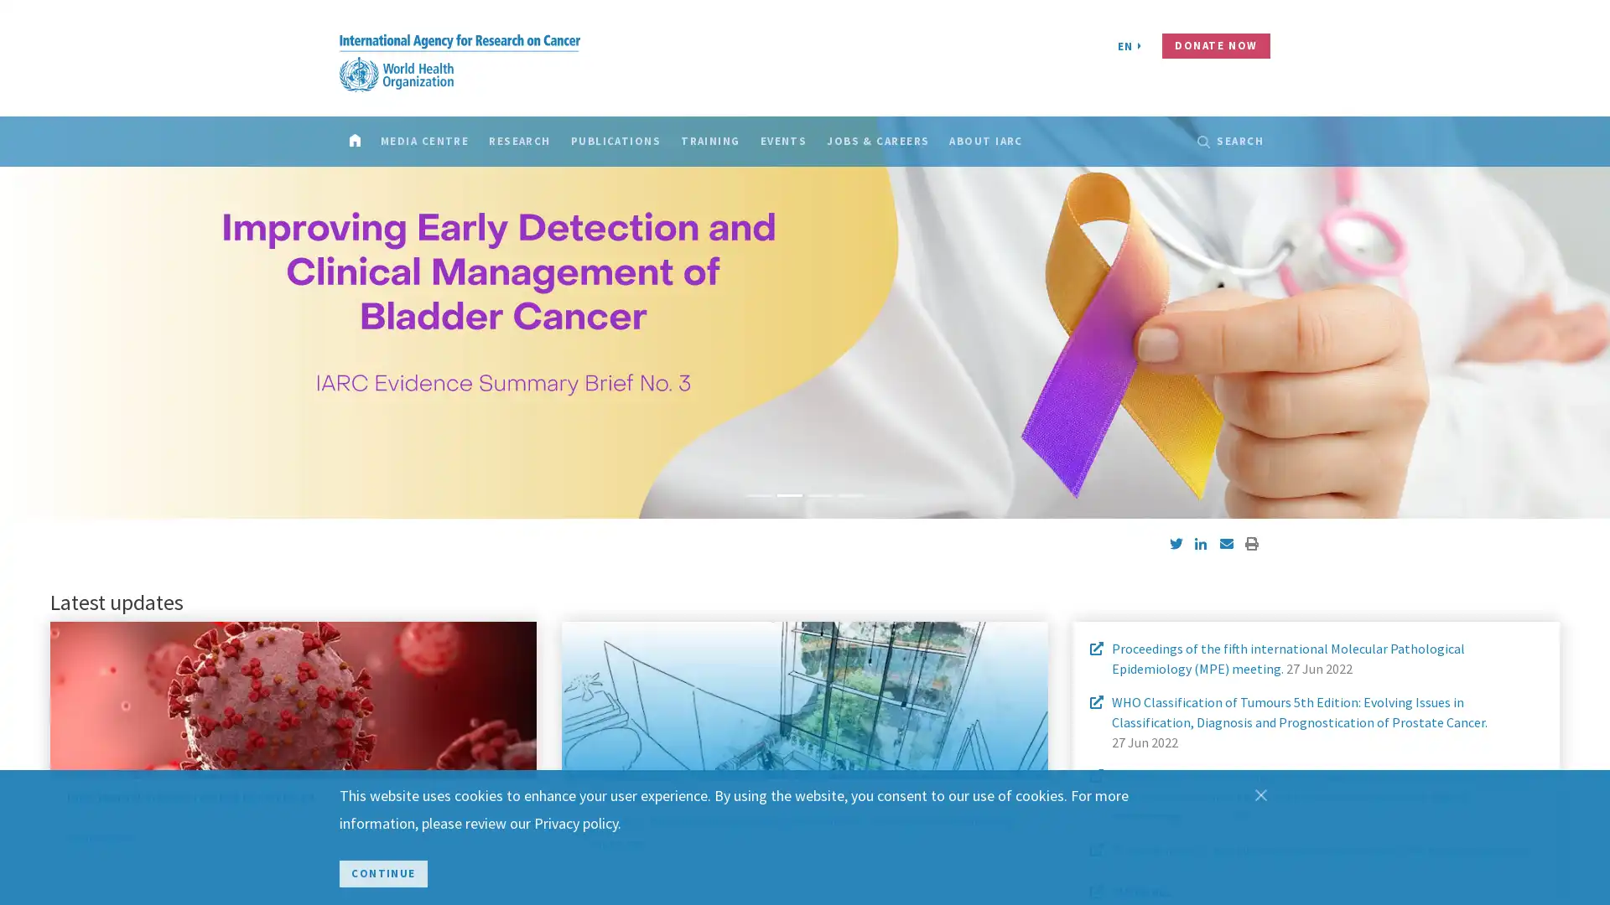  Describe the element at coordinates (820, 494) in the screenshot. I see `Goto Slide 3` at that location.